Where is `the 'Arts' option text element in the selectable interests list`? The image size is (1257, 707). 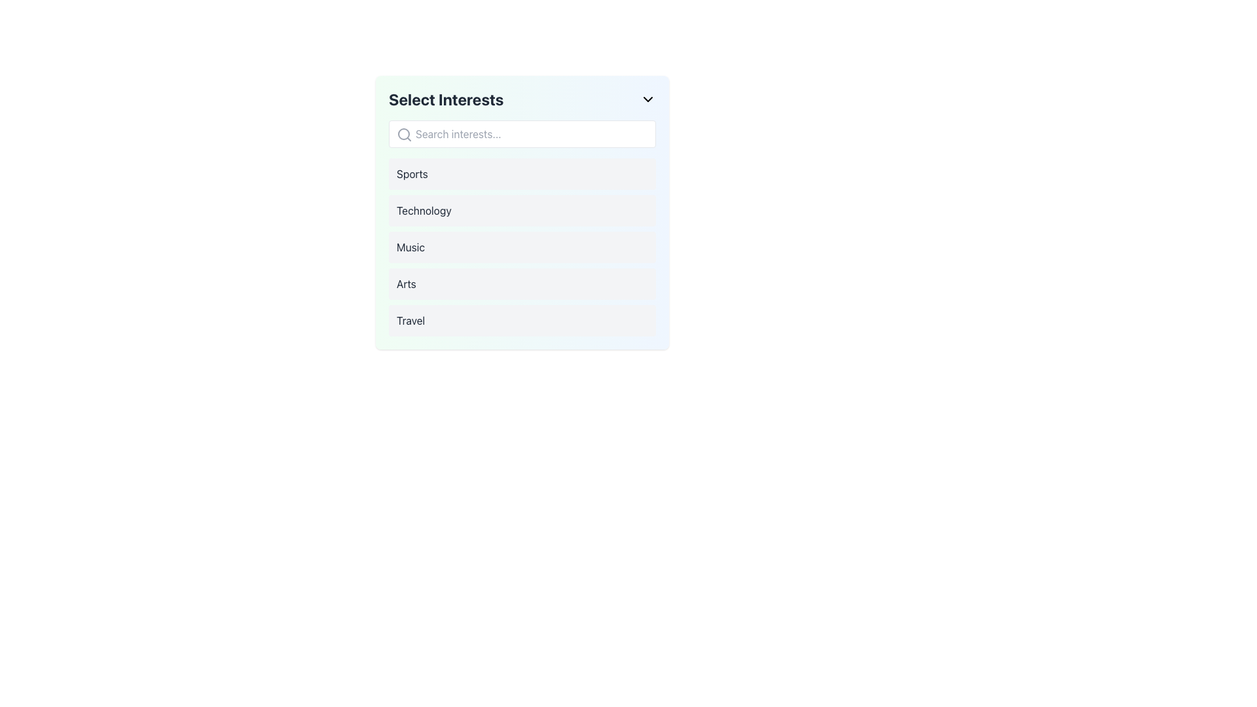
the 'Arts' option text element in the selectable interests list is located at coordinates (405, 283).